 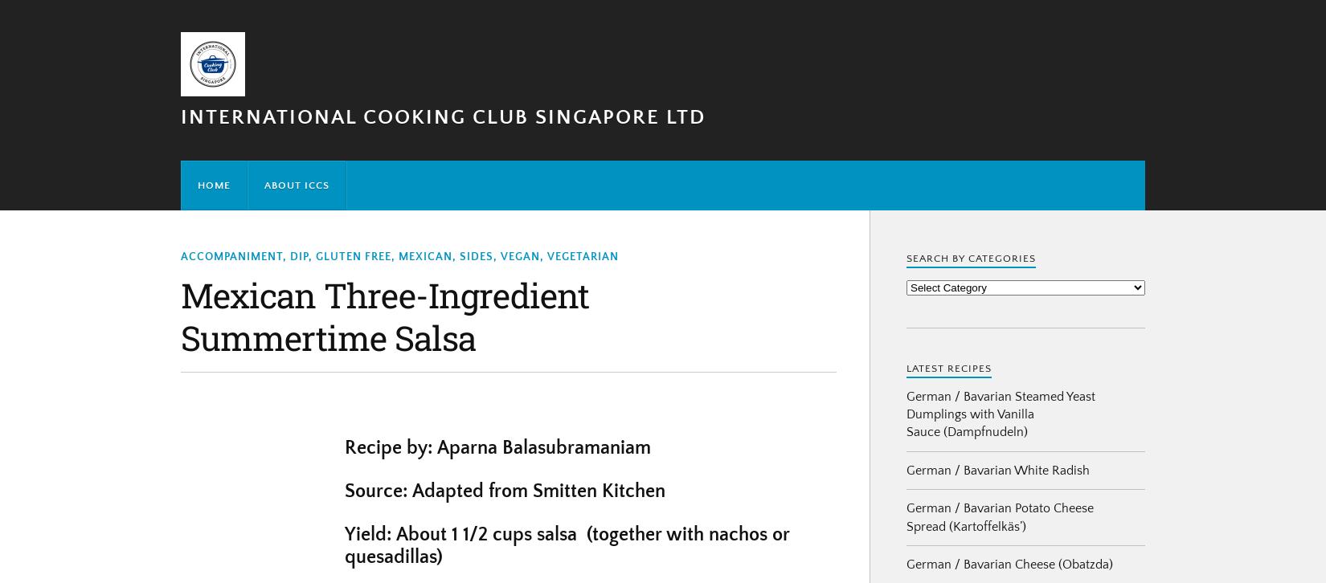 I want to click on 'Mexican', so click(x=424, y=255).